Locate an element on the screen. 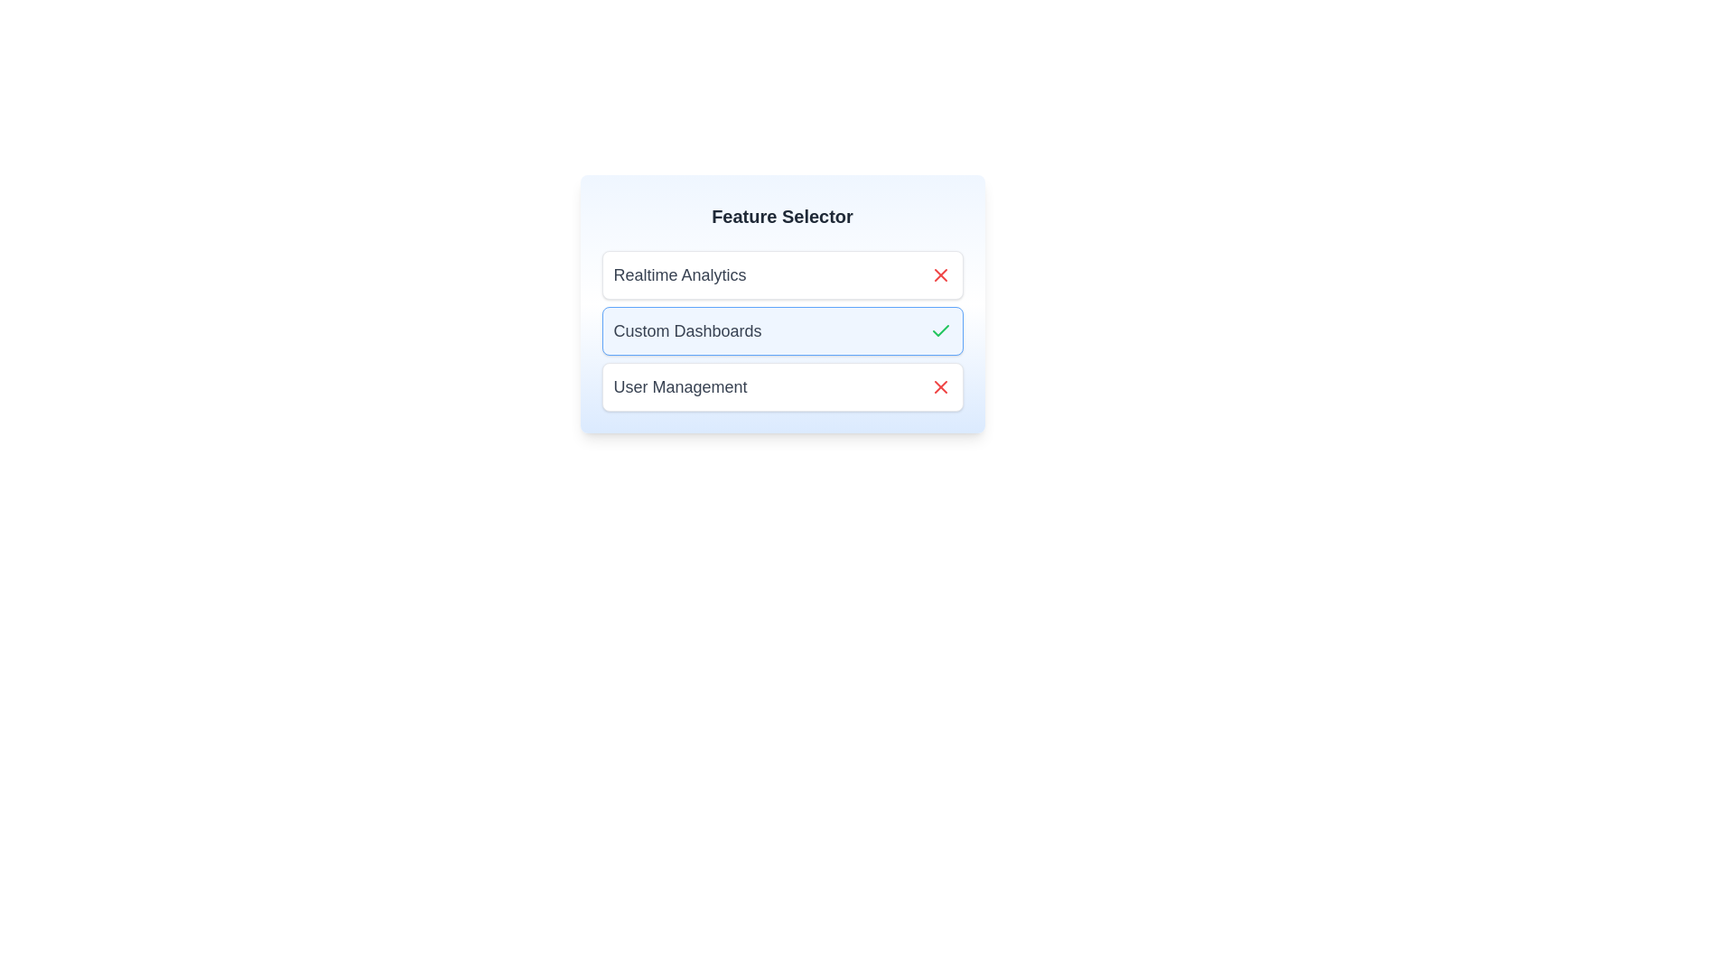 The height and width of the screenshot is (975, 1734). the item labeled User Management is located at coordinates (782, 385).